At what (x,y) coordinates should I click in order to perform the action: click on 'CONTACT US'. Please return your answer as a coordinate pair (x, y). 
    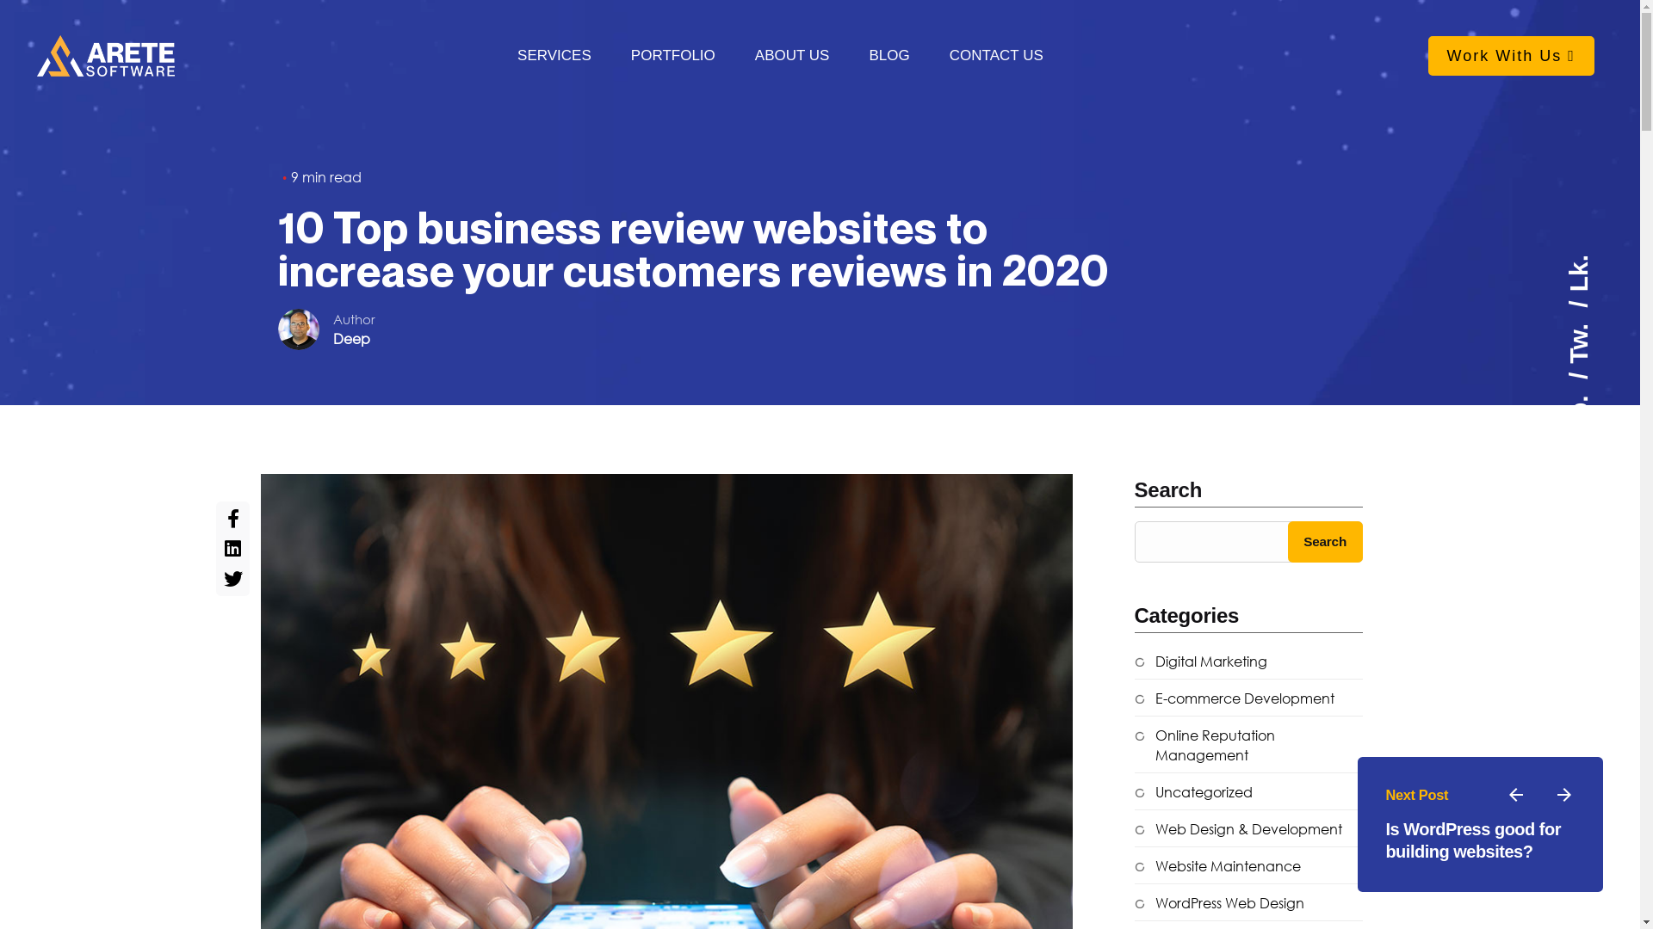
    Looking at the image, I should click on (996, 55).